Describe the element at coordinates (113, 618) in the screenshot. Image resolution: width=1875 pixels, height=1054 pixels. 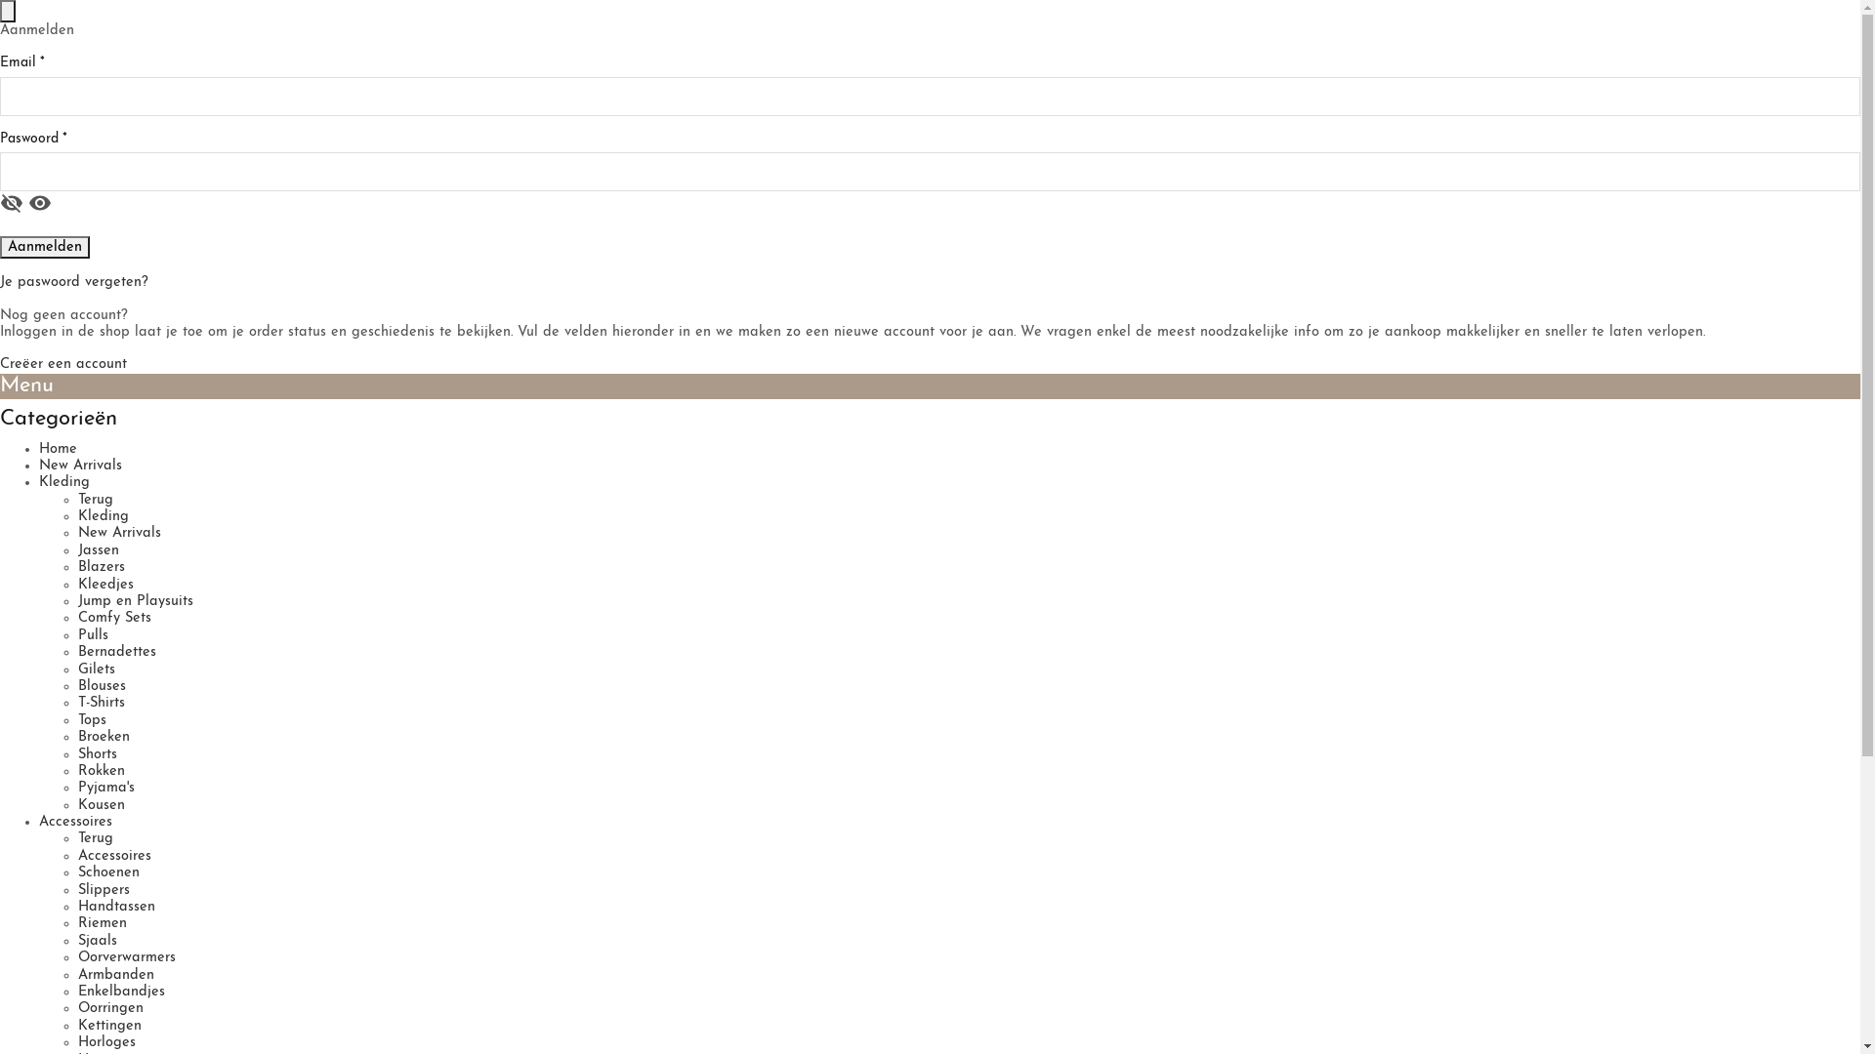
I see `'Comfy Sets'` at that location.